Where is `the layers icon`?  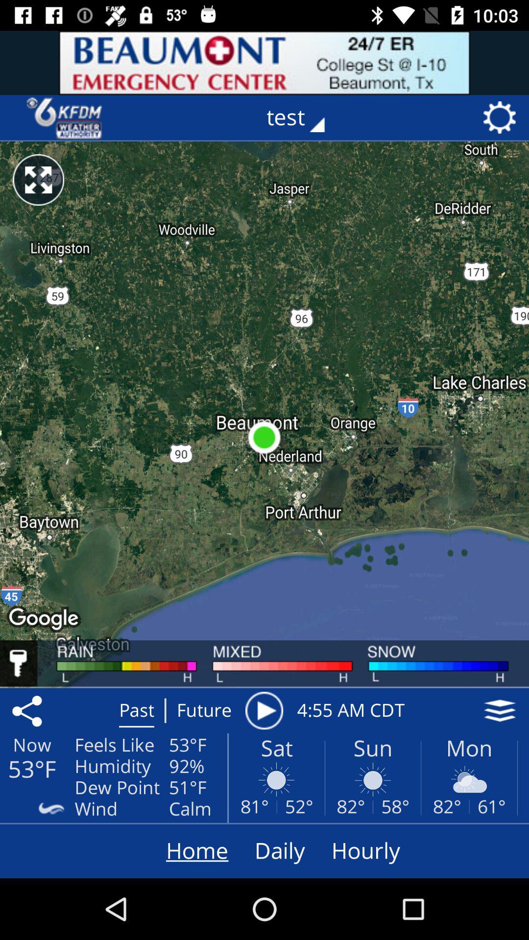 the layers icon is located at coordinates (500, 710).